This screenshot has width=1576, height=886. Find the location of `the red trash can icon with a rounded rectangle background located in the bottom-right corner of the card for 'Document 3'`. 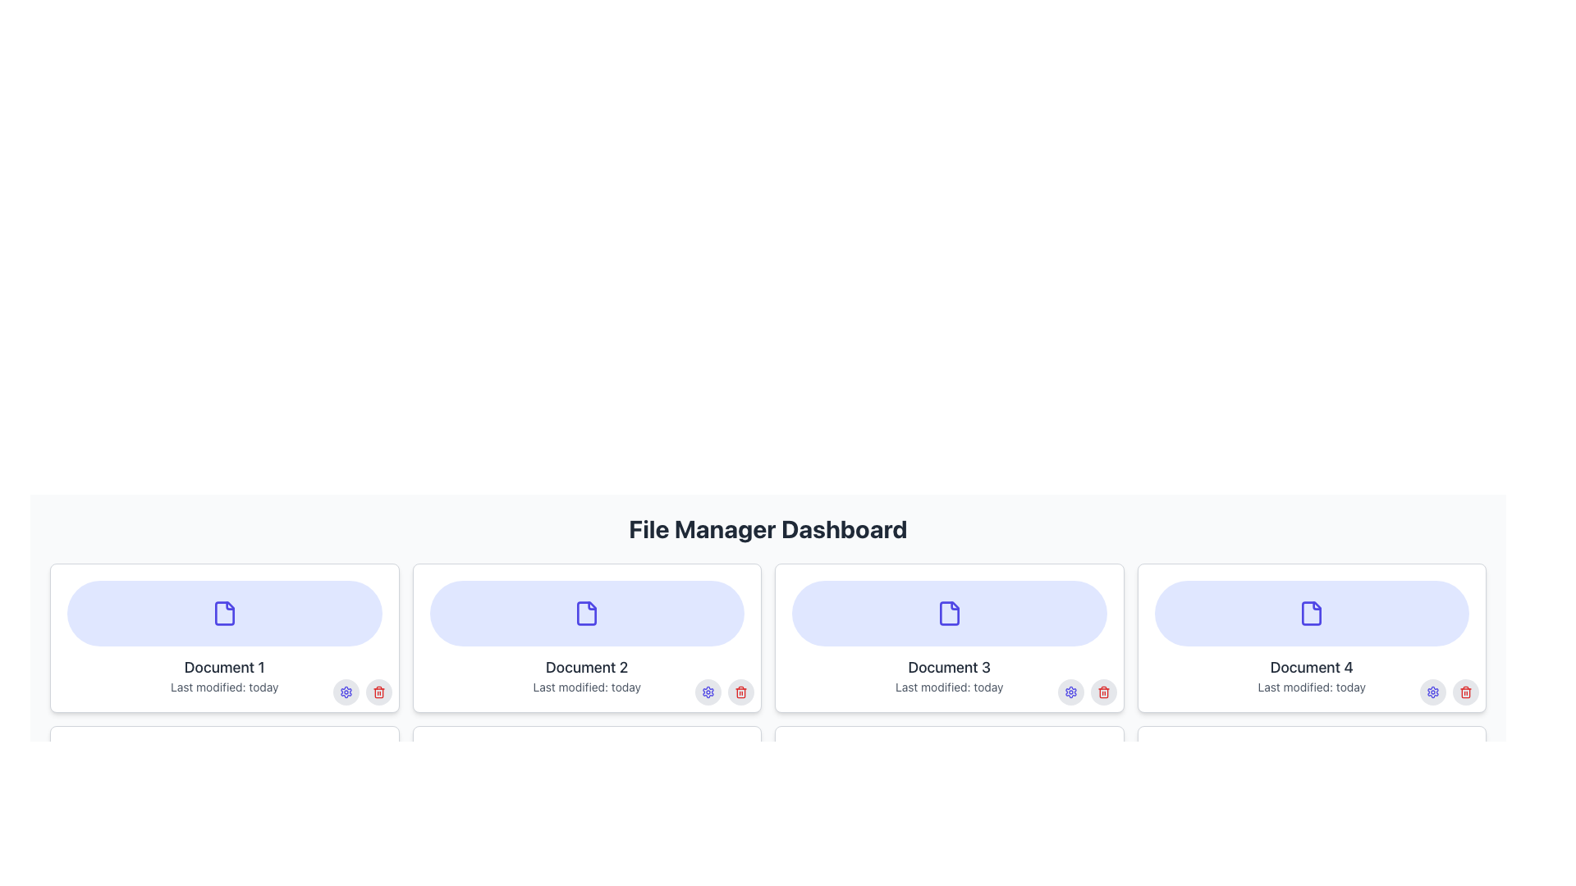

the red trash can icon with a rounded rectangle background located in the bottom-right corner of the card for 'Document 3' is located at coordinates (1103, 692).